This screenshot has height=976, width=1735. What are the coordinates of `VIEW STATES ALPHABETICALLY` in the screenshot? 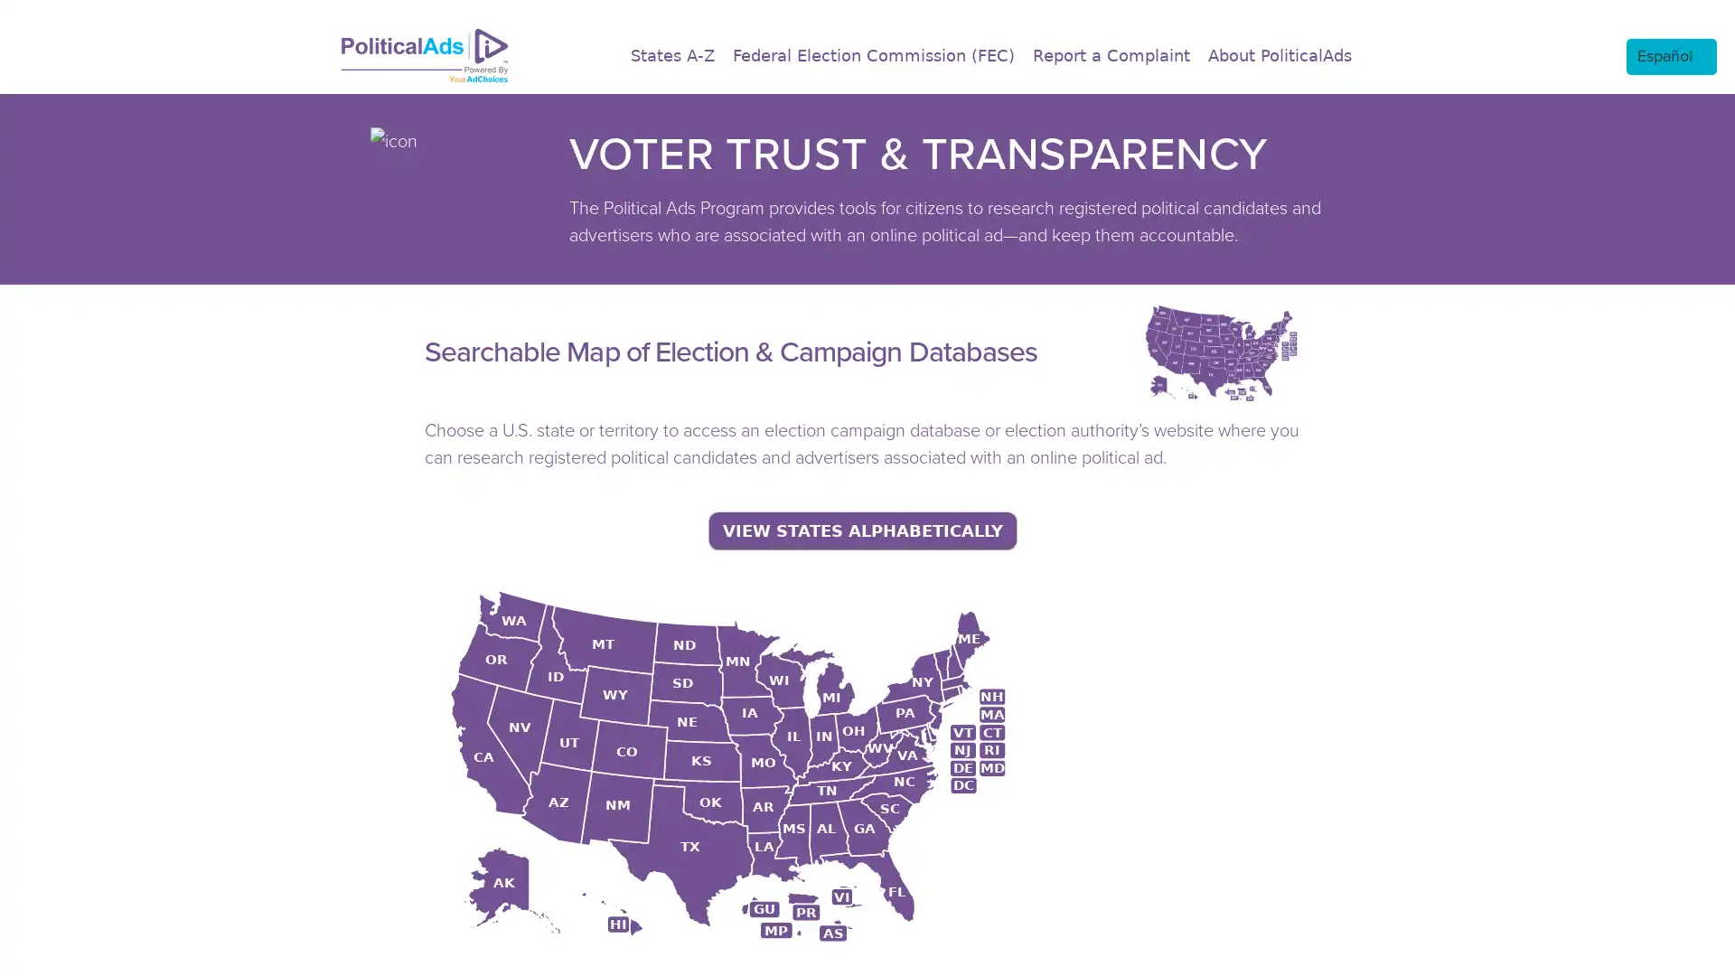 It's located at (862, 529).